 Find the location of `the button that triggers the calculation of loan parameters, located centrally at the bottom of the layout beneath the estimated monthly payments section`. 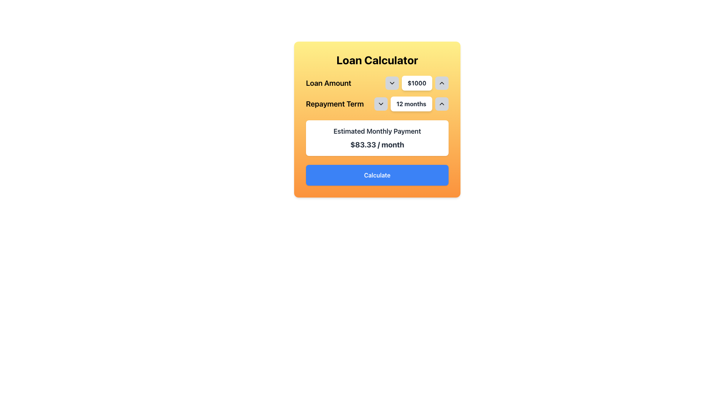

the button that triggers the calculation of loan parameters, located centrally at the bottom of the layout beneath the estimated monthly payments section is located at coordinates (377, 175).